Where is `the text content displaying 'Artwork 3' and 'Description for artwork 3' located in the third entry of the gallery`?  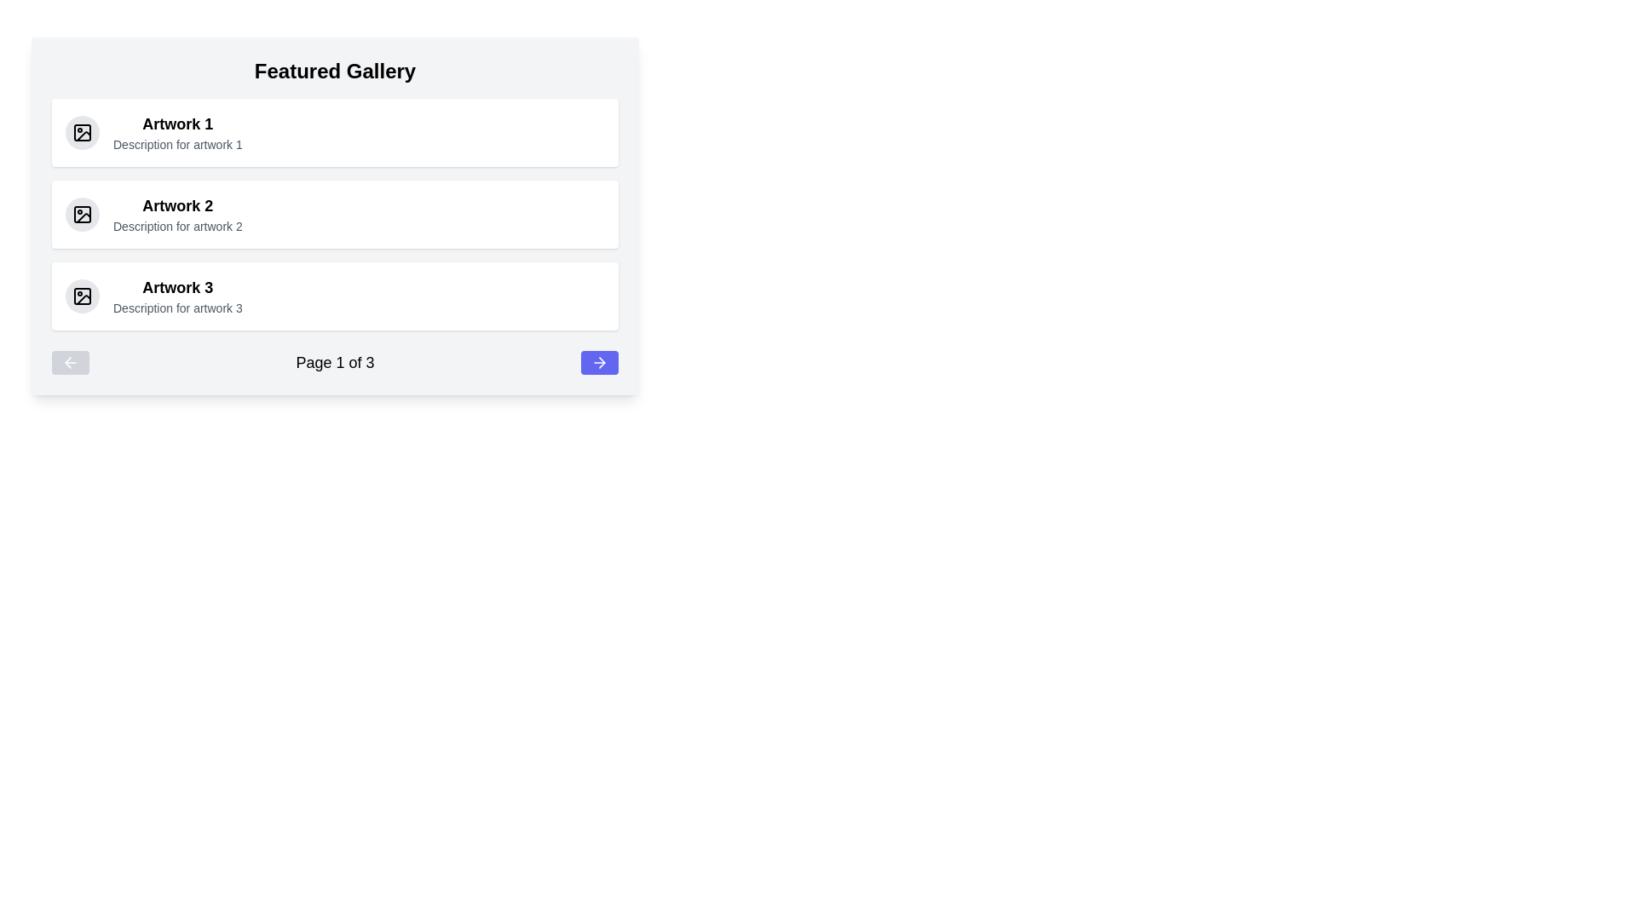 the text content displaying 'Artwork 3' and 'Description for artwork 3' located in the third entry of the gallery is located at coordinates (177, 295).